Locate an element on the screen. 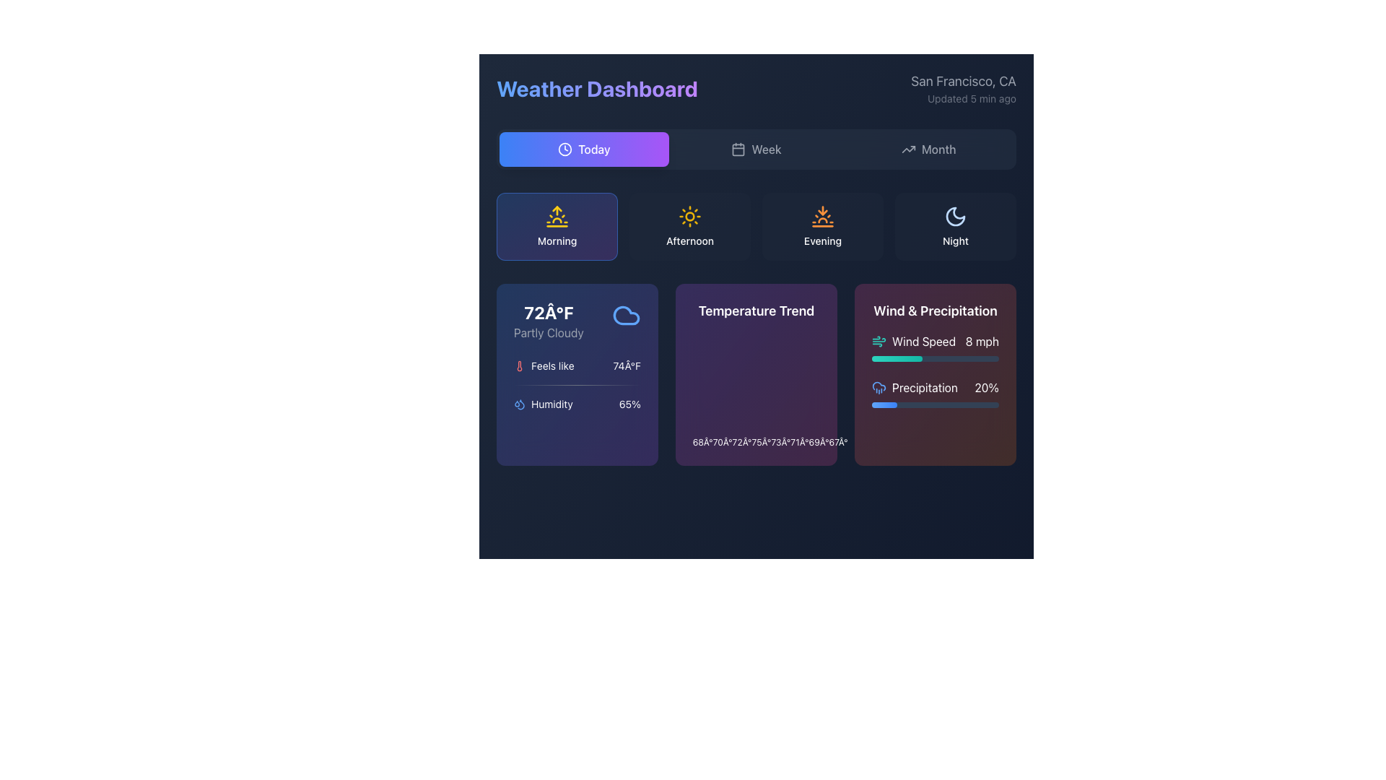  the 'Afternoon' button with a sun icon, located in the middle top row of the Weather Dashboard grid is located at coordinates (689, 226).